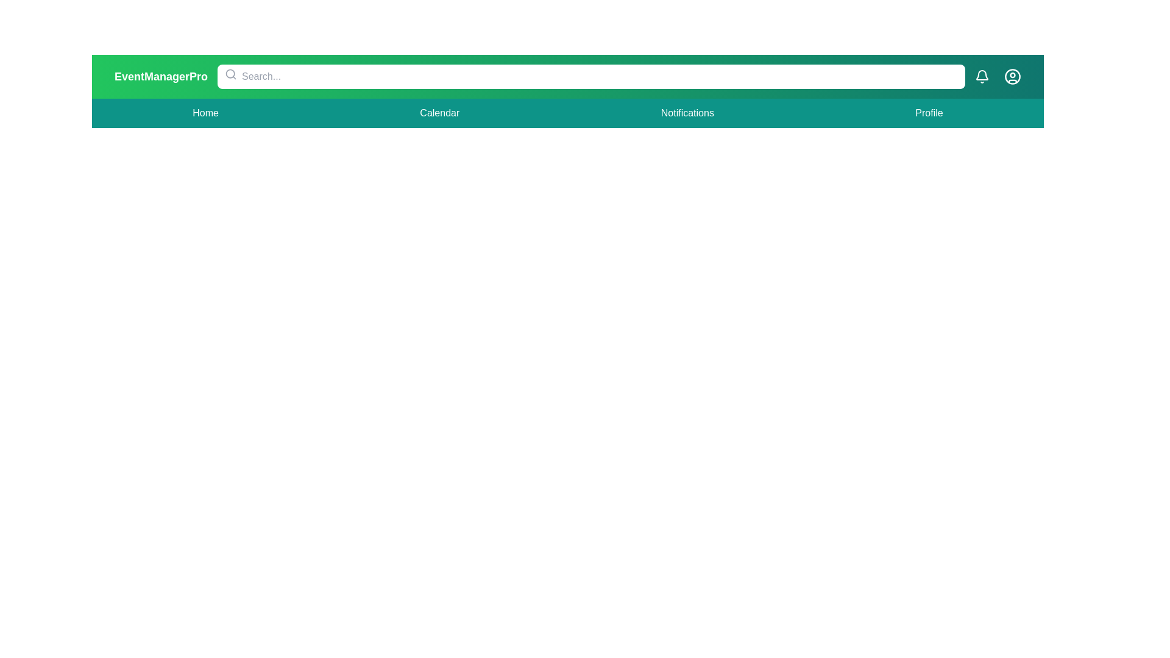  Describe the element at coordinates (929, 113) in the screenshot. I see `the menu item Profile from the navigation bar` at that location.